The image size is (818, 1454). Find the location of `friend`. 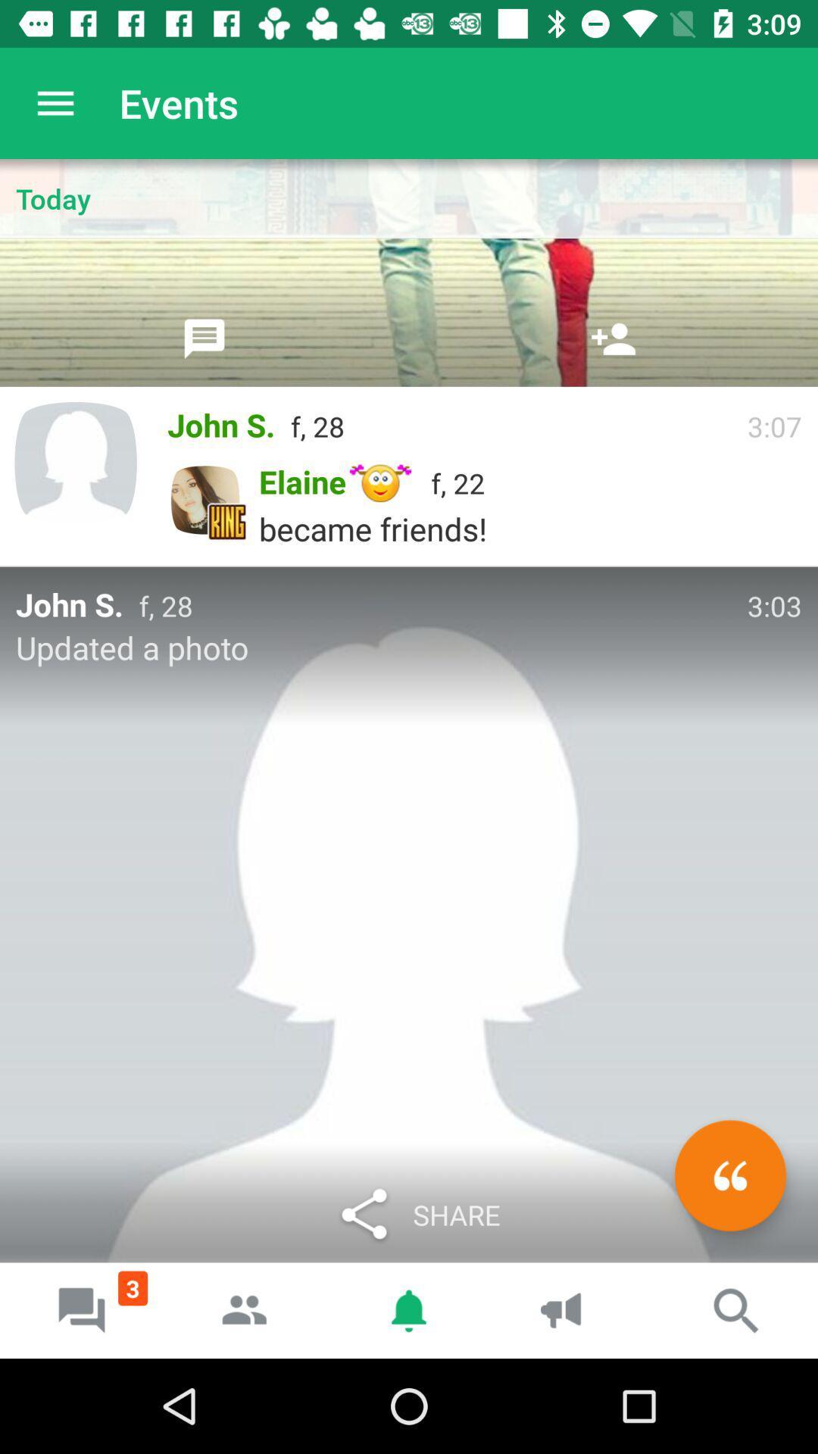

friend is located at coordinates (613, 338).